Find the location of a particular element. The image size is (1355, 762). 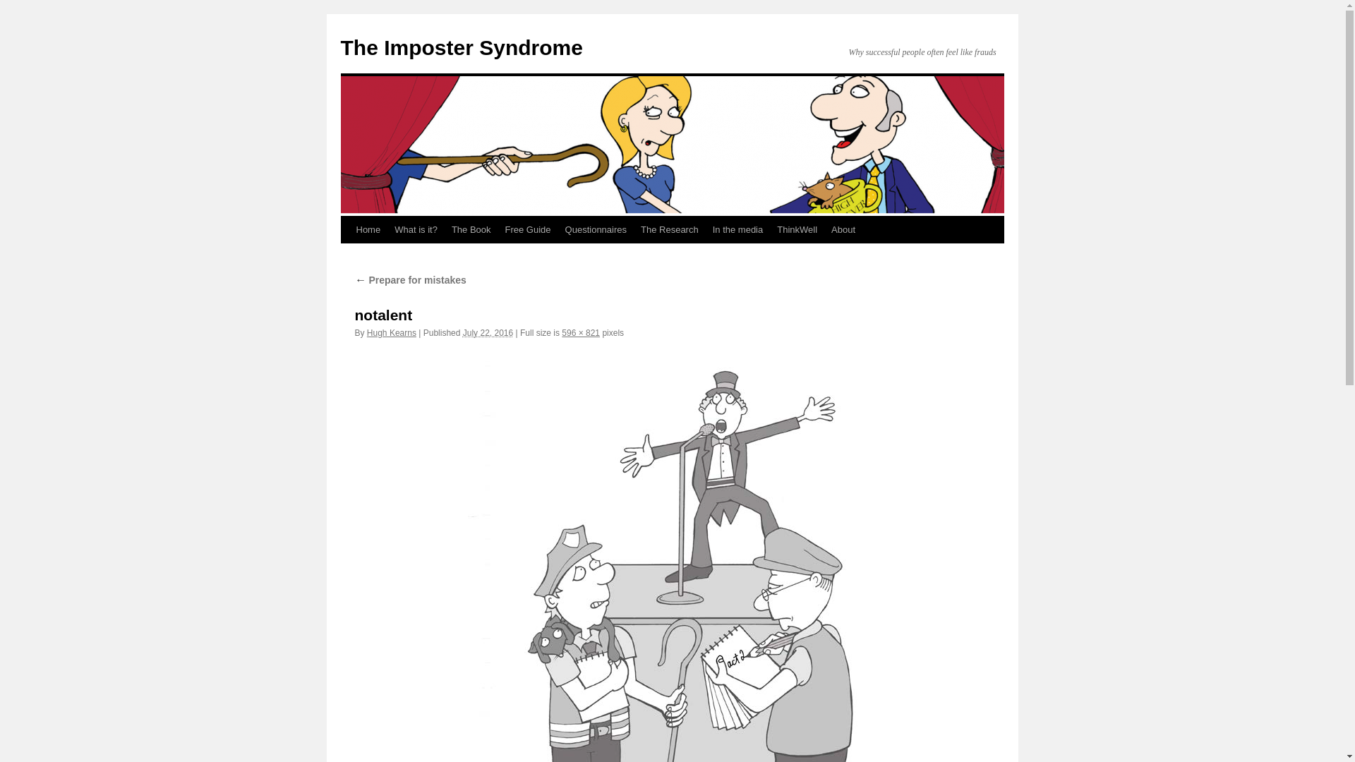

'What is it?' is located at coordinates (415, 229).